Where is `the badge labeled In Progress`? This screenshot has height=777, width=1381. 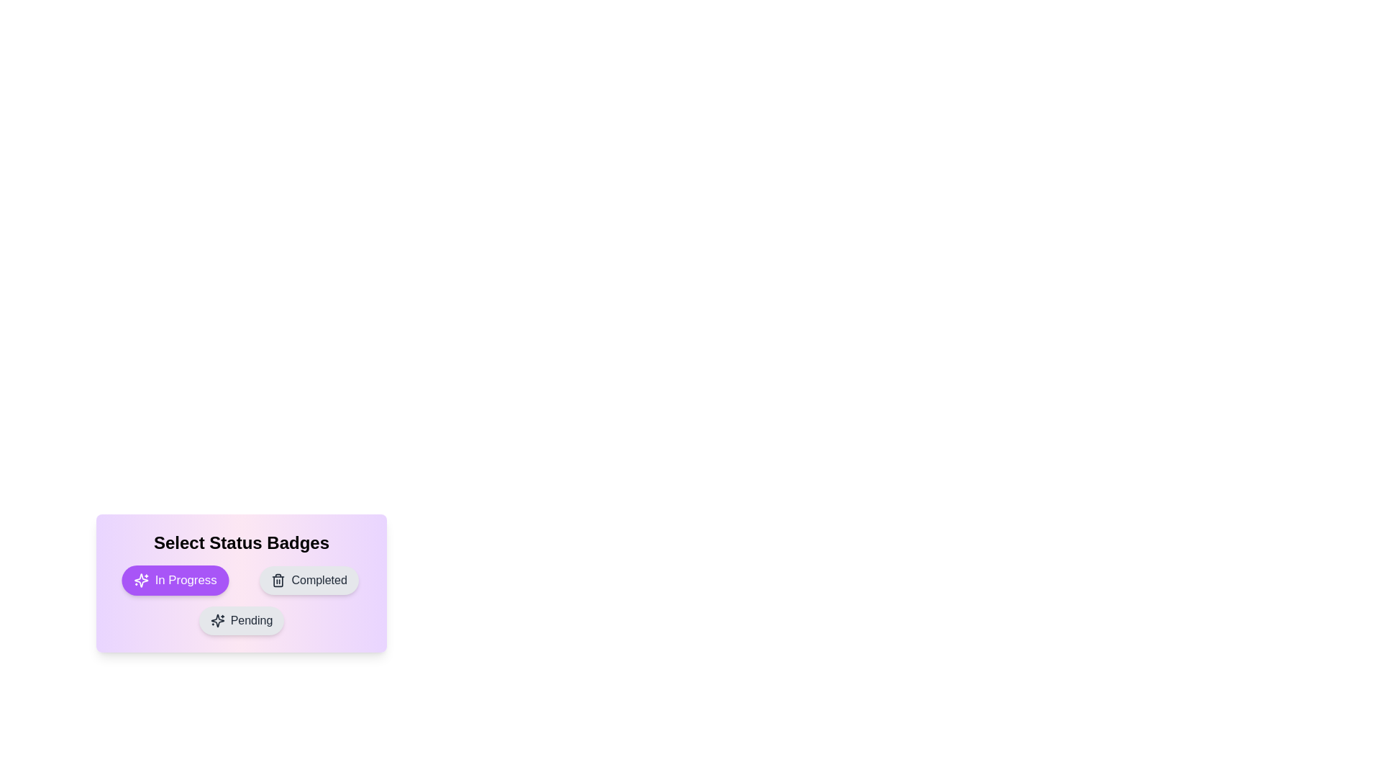
the badge labeled In Progress is located at coordinates (175, 579).